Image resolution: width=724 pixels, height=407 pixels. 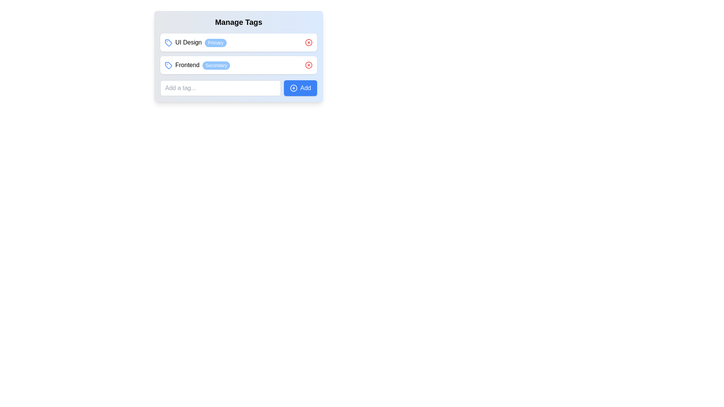 I want to click on the circular graphic element, which is part of a red icon located to the right of the 'UI Design' tag in the 'Manage Tags' component, so click(x=309, y=42).